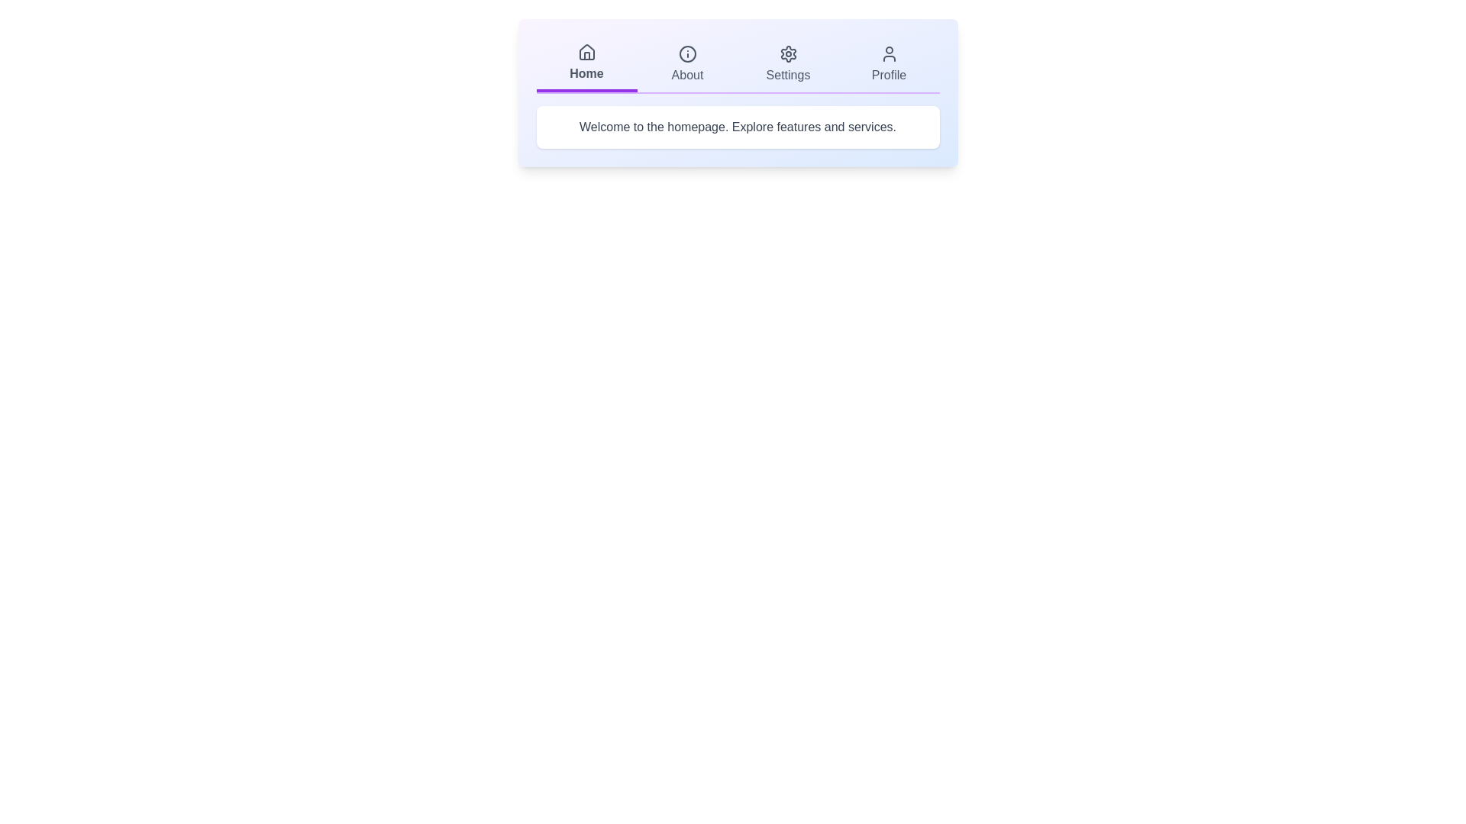  What do you see at coordinates (586, 52) in the screenshot?
I see `the icon of the Home tab` at bounding box center [586, 52].